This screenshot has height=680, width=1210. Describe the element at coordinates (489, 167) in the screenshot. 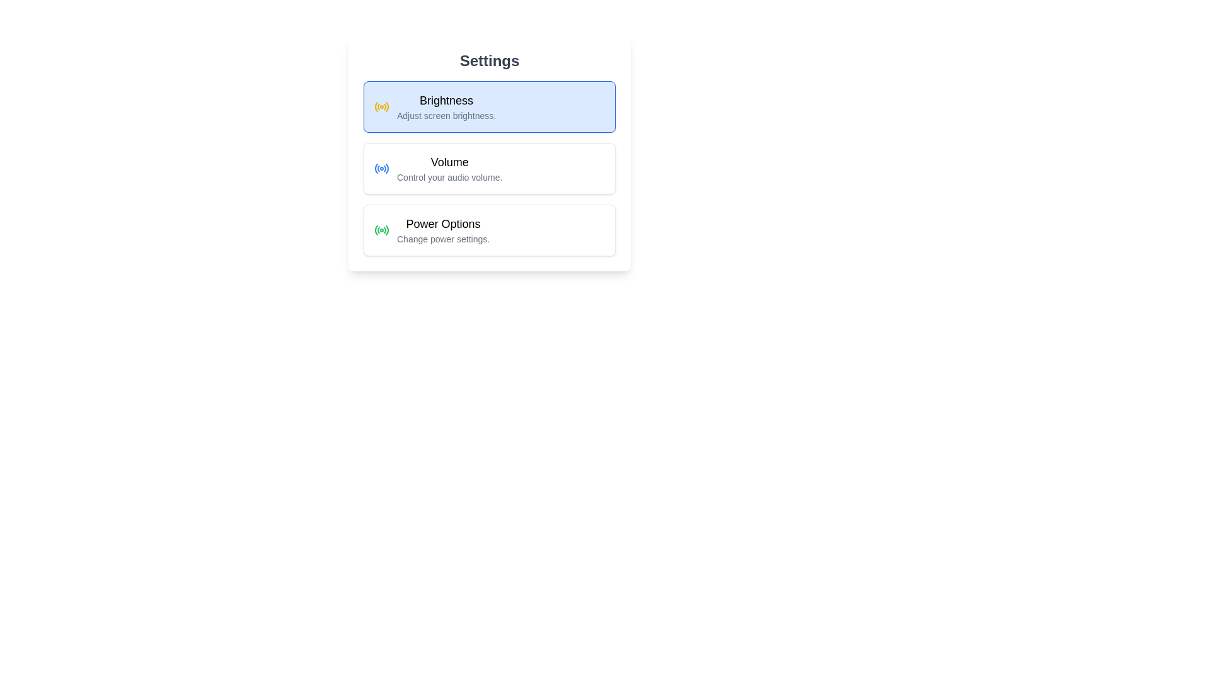

I see `the audio volume control card, which is the second card in the settings menu` at that location.